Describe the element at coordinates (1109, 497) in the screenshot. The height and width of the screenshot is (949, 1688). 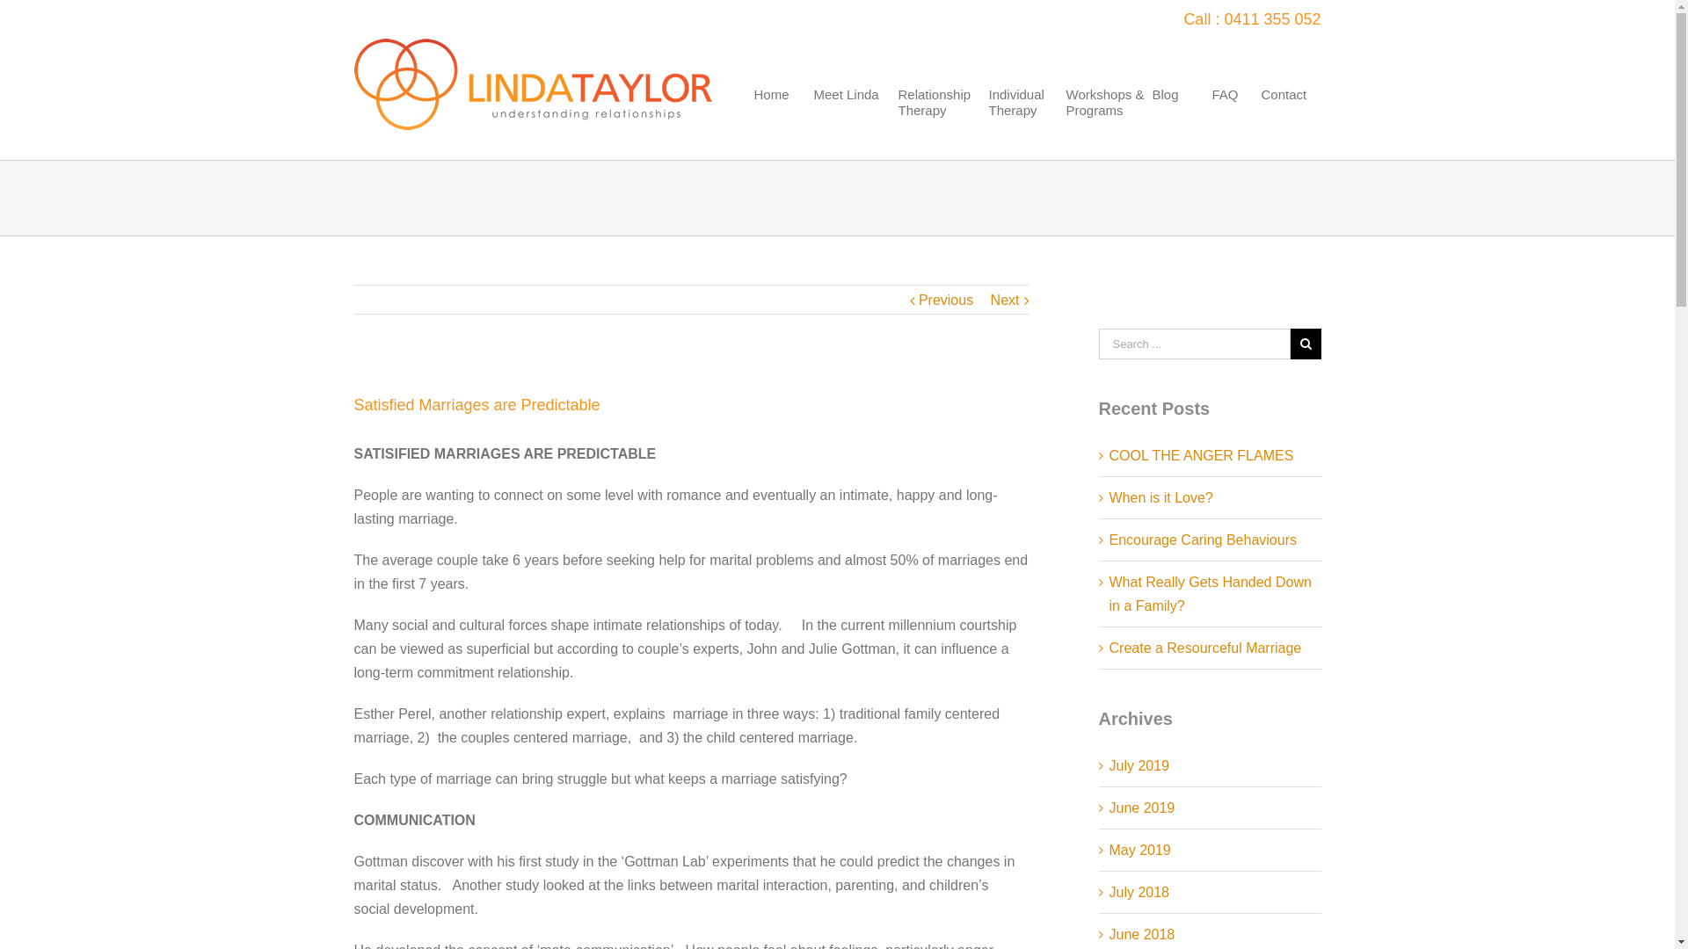
I see `'When is it Love?'` at that location.